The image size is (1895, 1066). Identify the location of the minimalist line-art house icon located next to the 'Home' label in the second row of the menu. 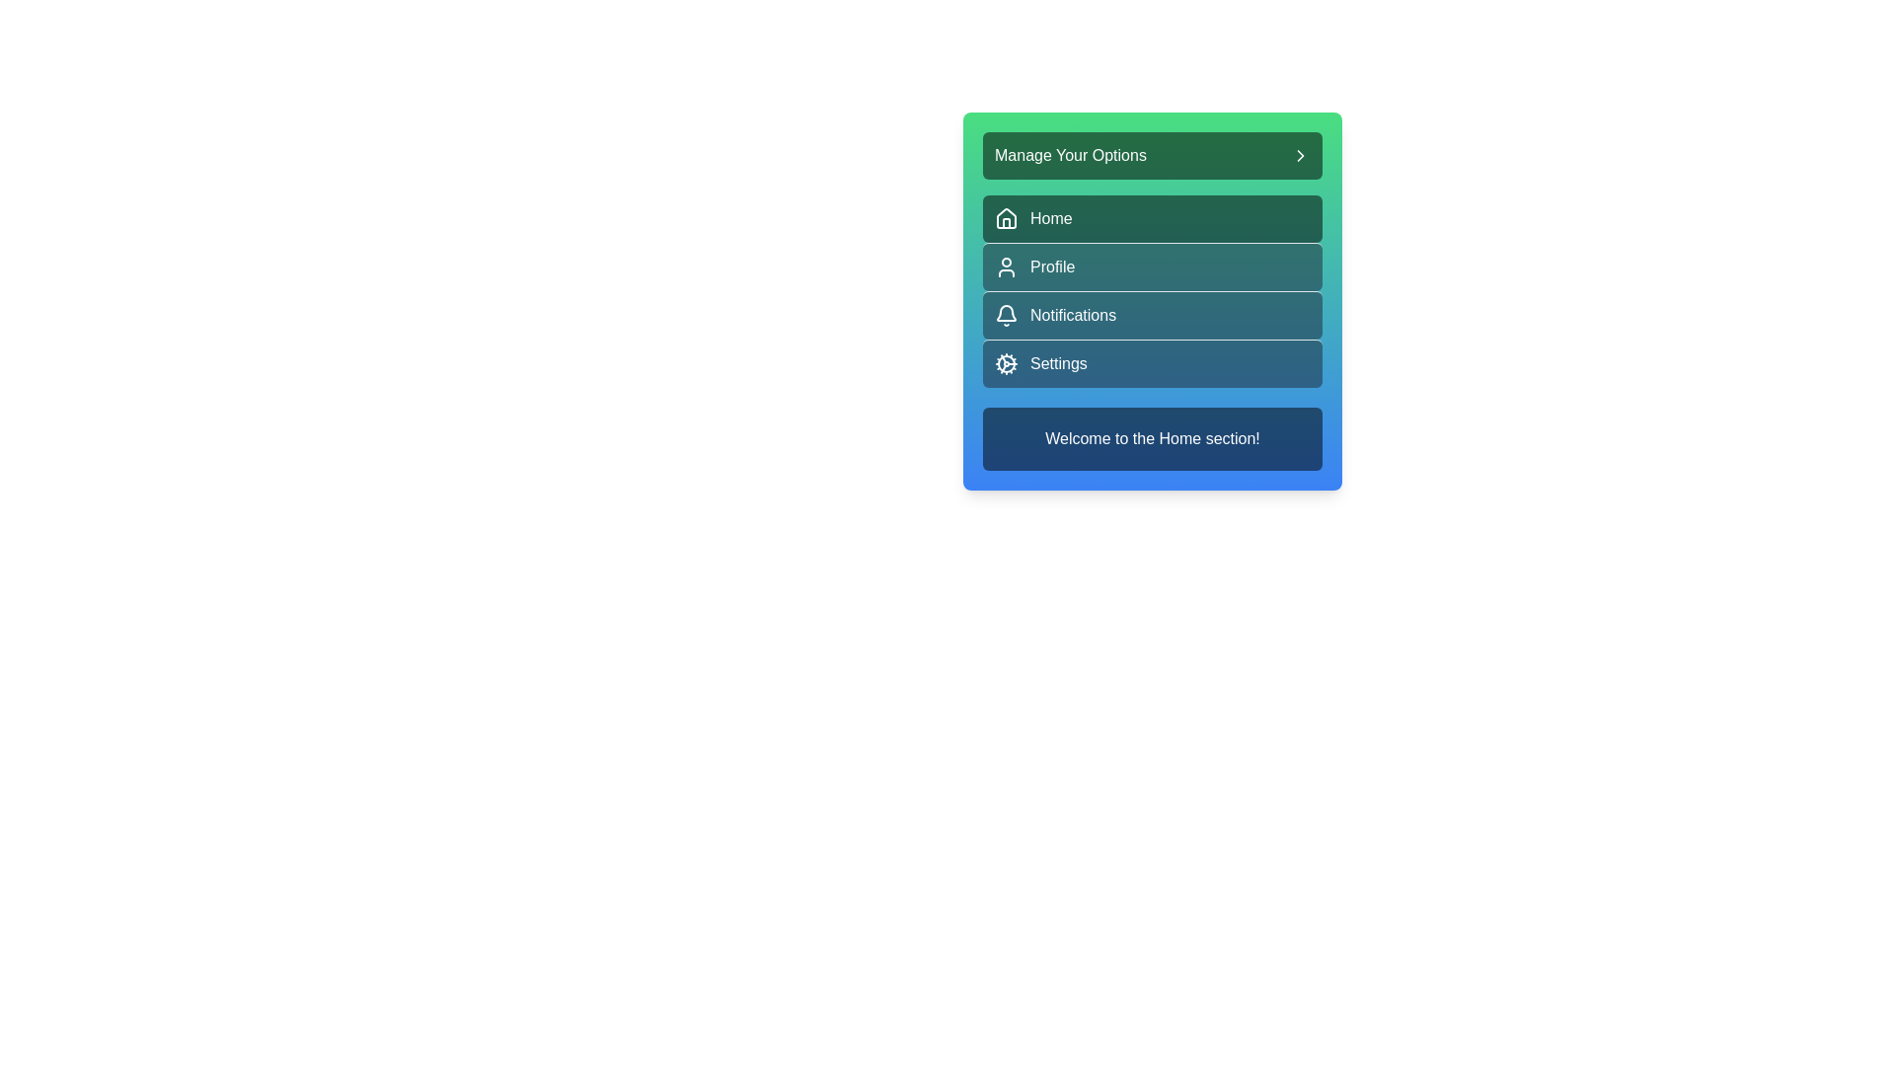
(1006, 217).